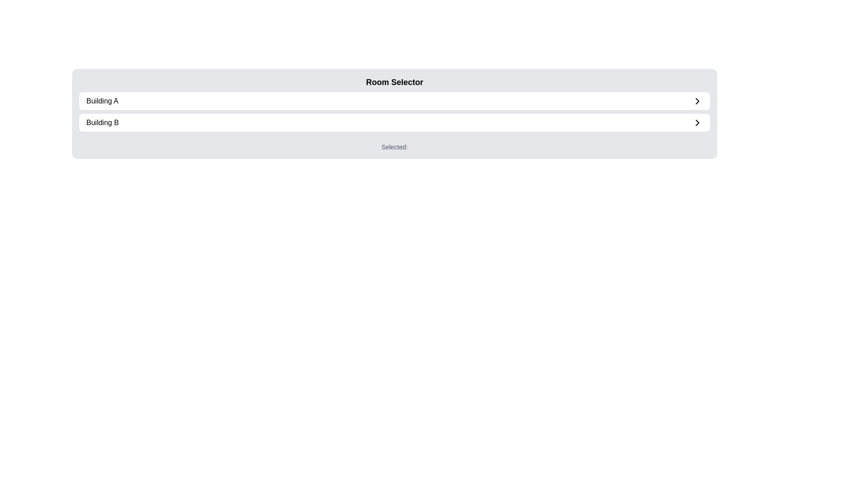  I want to click on the chevron-right arrow icon located at the far right of the 'Building A' row, so click(697, 101).